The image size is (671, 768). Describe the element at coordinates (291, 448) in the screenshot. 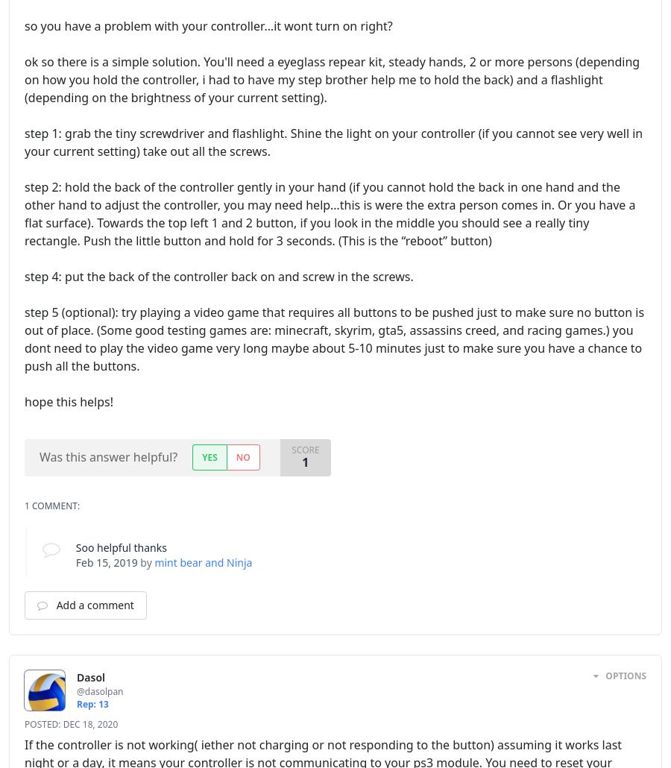

I see `'Score'` at that location.